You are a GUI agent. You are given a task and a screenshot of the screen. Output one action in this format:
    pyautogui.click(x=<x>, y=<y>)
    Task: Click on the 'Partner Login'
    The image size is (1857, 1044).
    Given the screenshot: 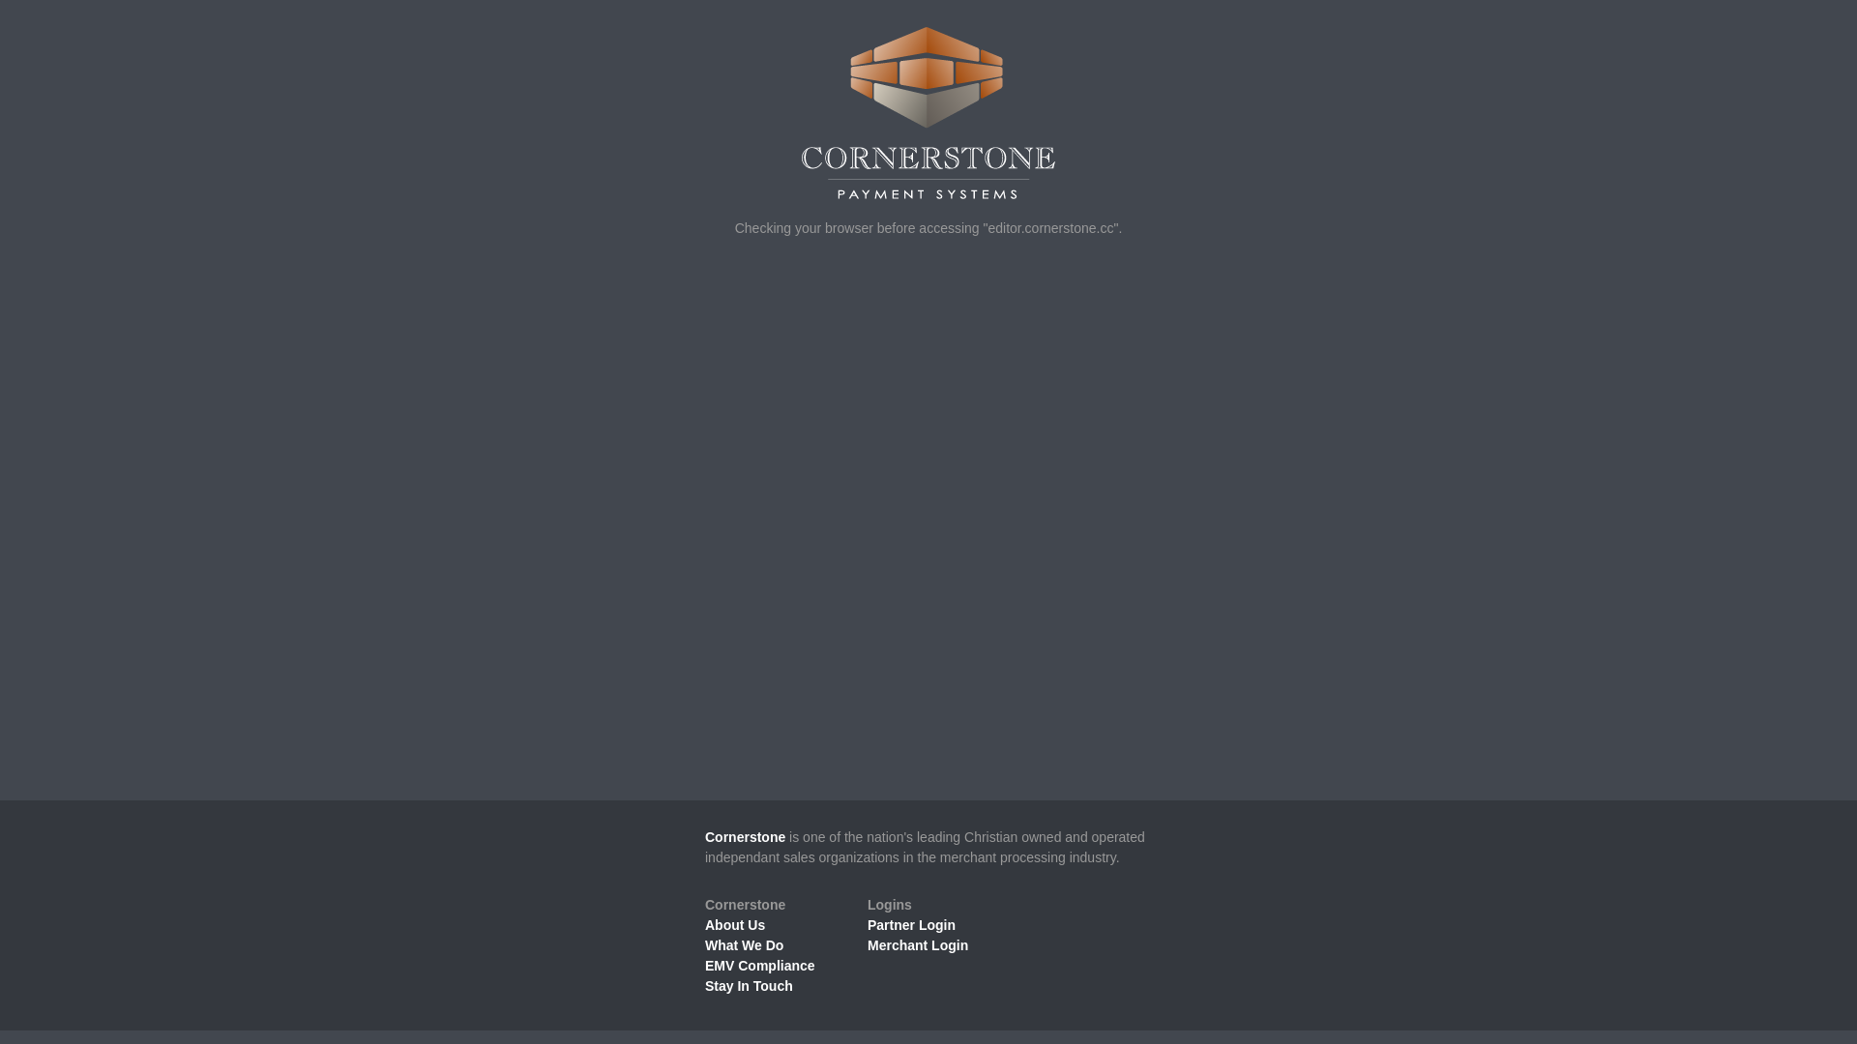 What is the action you would take?
    pyautogui.click(x=867, y=923)
    